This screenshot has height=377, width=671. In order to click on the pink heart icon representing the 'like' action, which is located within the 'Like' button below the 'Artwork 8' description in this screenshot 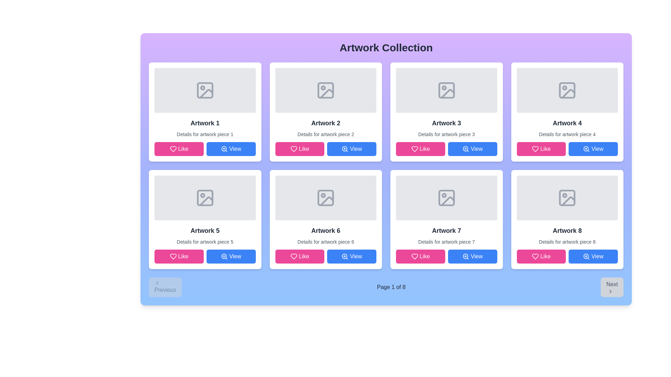, I will do `click(535, 257)`.